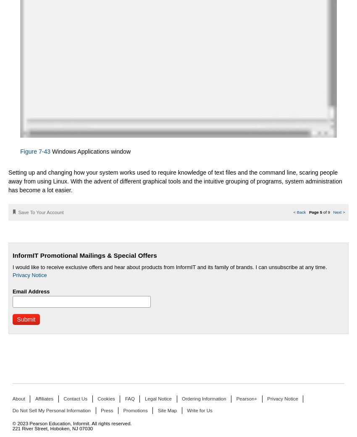  Describe the element at coordinates (175, 180) in the screenshot. I see `'Setting up and changing how your system works used to require knowledge of text files and the command line, scaring people away from using Linux. With the advent of different graphical tools and the intuitive grouping of programs, system administration has become a lot easier.'` at that location.